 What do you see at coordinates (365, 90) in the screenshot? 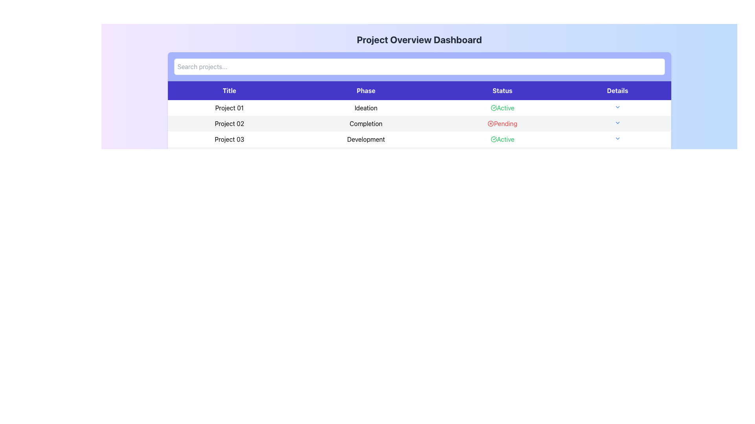
I see `the 'Phase' header text label in the blue bar at the top of the table, which is located between the 'Title' and 'Status' headers` at bounding box center [365, 90].